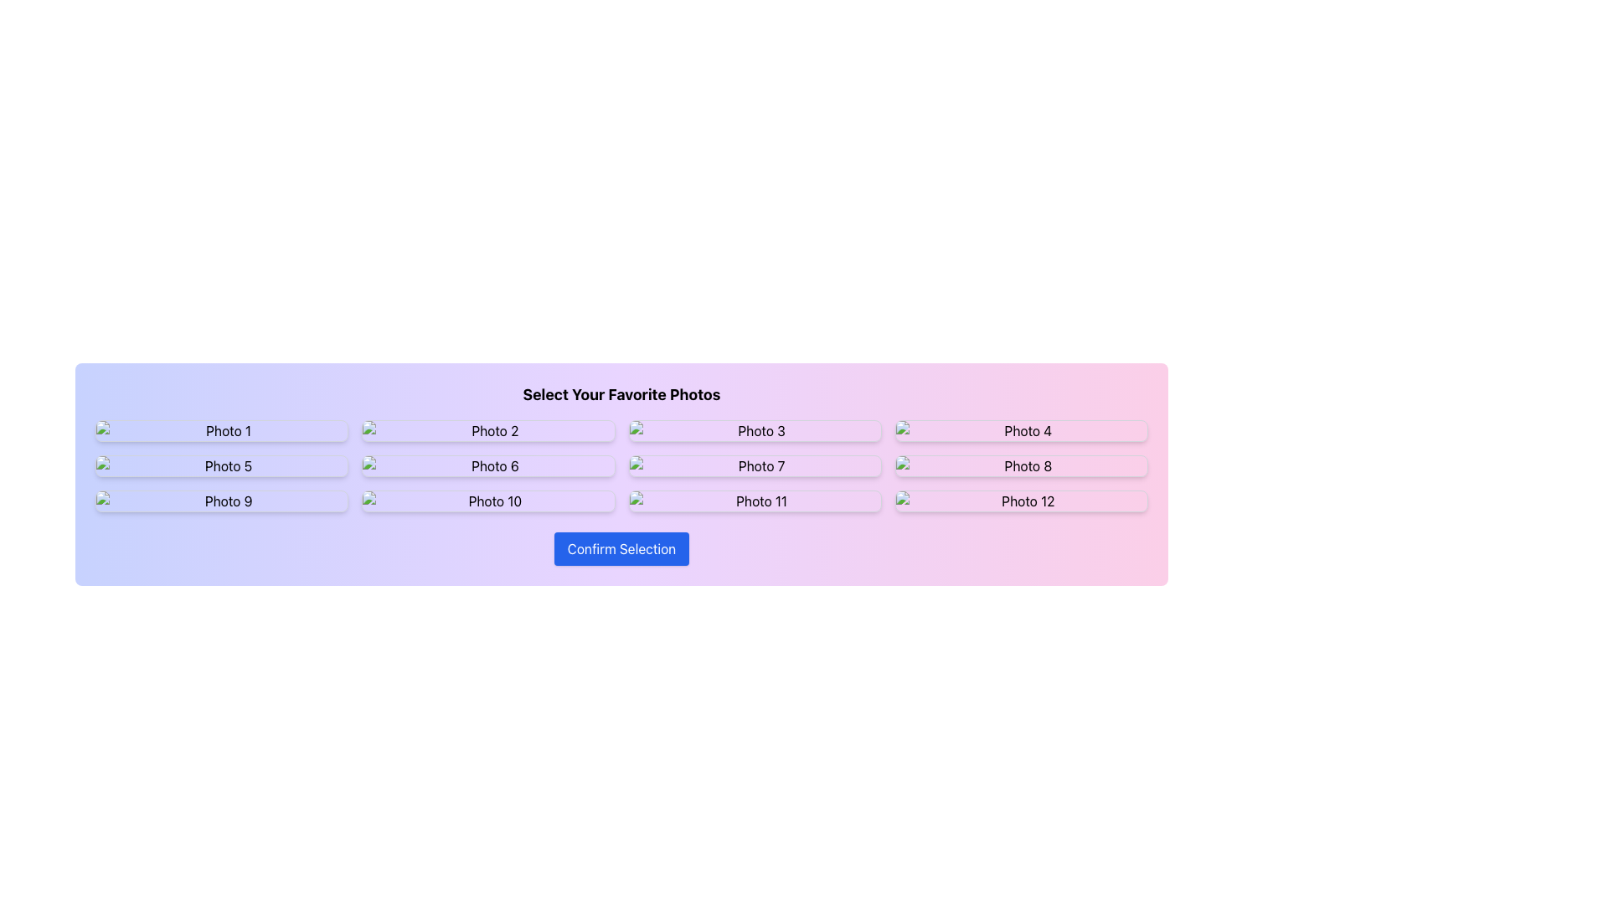  Describe the element at coordinates (1020, 465) in the screenshot. I see `the image thumbnail labeled 'Photo 8' in the fourth column, second row of the grid layout` at that location.